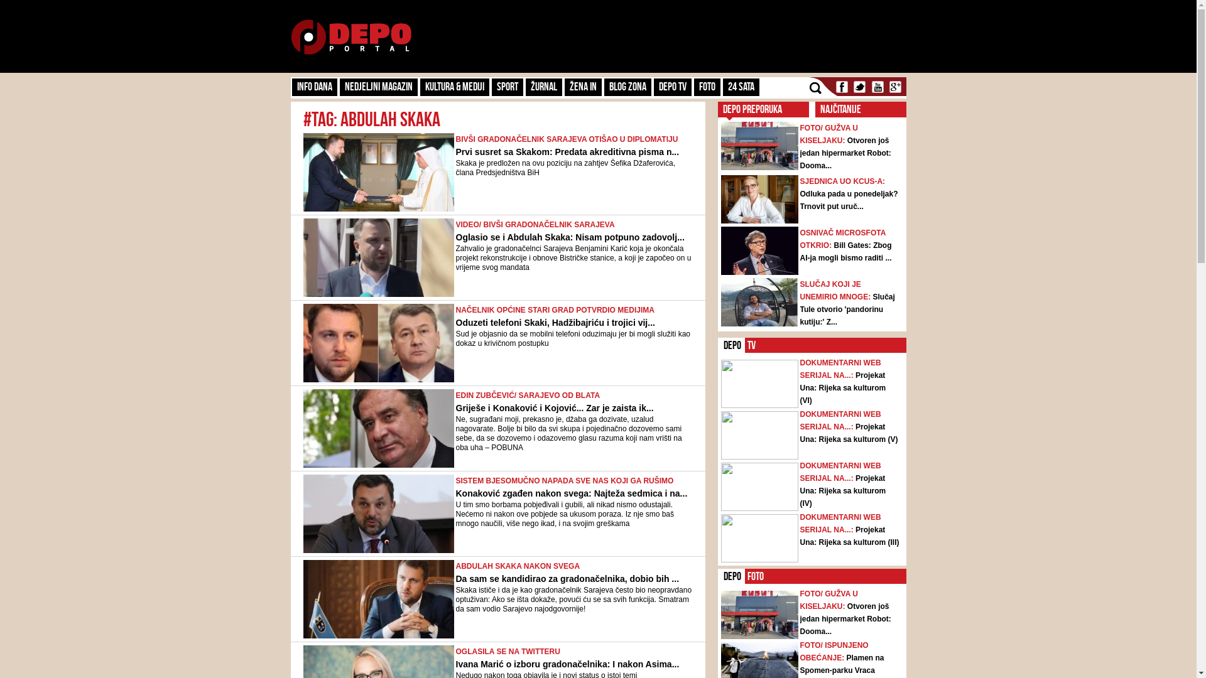  I want to click on 'Kultura & Mediji', so click(454, 86).